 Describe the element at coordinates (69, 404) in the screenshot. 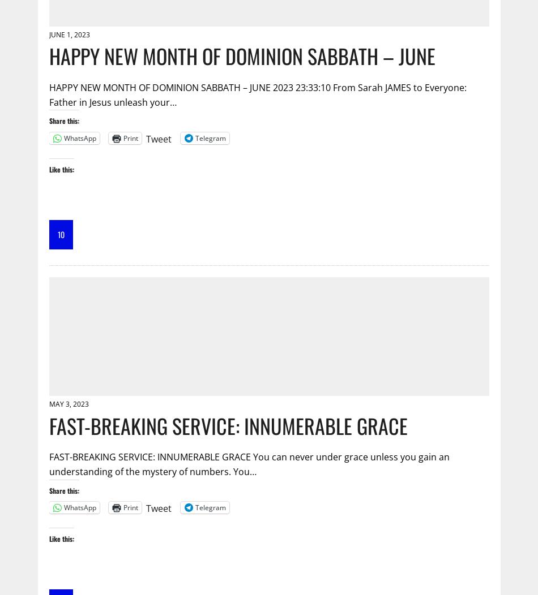

I see `'May 3, 2023'` at that location.